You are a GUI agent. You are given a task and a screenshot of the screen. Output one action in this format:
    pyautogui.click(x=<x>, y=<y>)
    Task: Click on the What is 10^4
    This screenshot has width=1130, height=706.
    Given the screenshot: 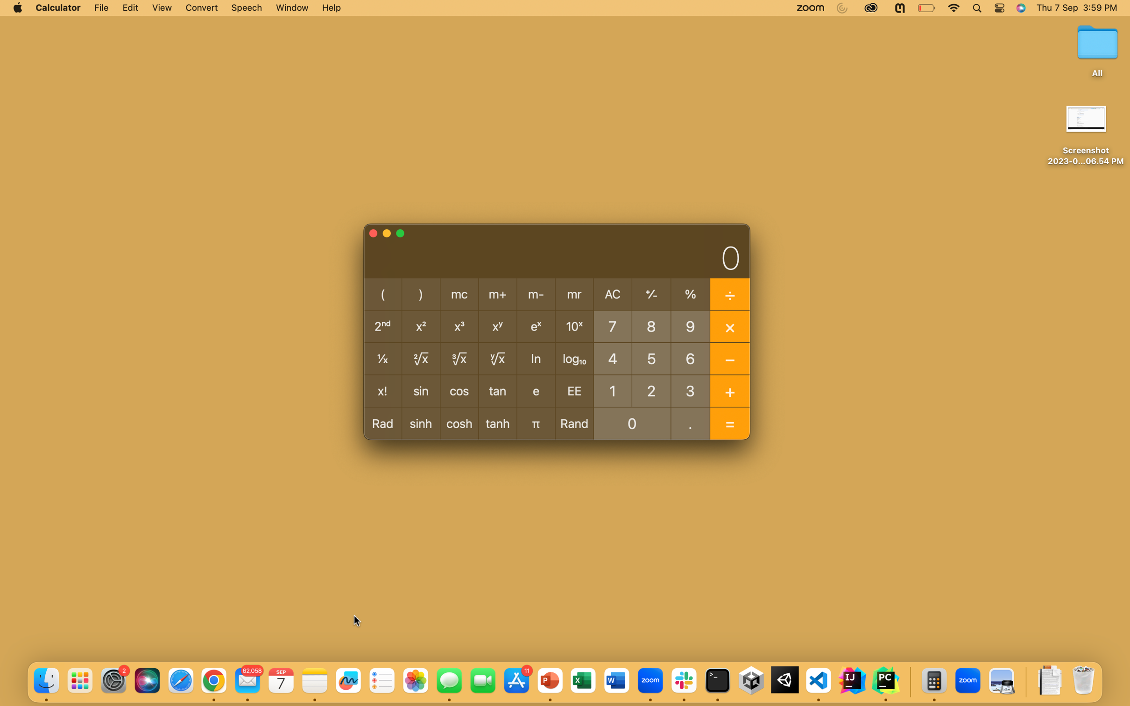 What is the action you would take?
    pyautogui.click(x=611, y=358)
    